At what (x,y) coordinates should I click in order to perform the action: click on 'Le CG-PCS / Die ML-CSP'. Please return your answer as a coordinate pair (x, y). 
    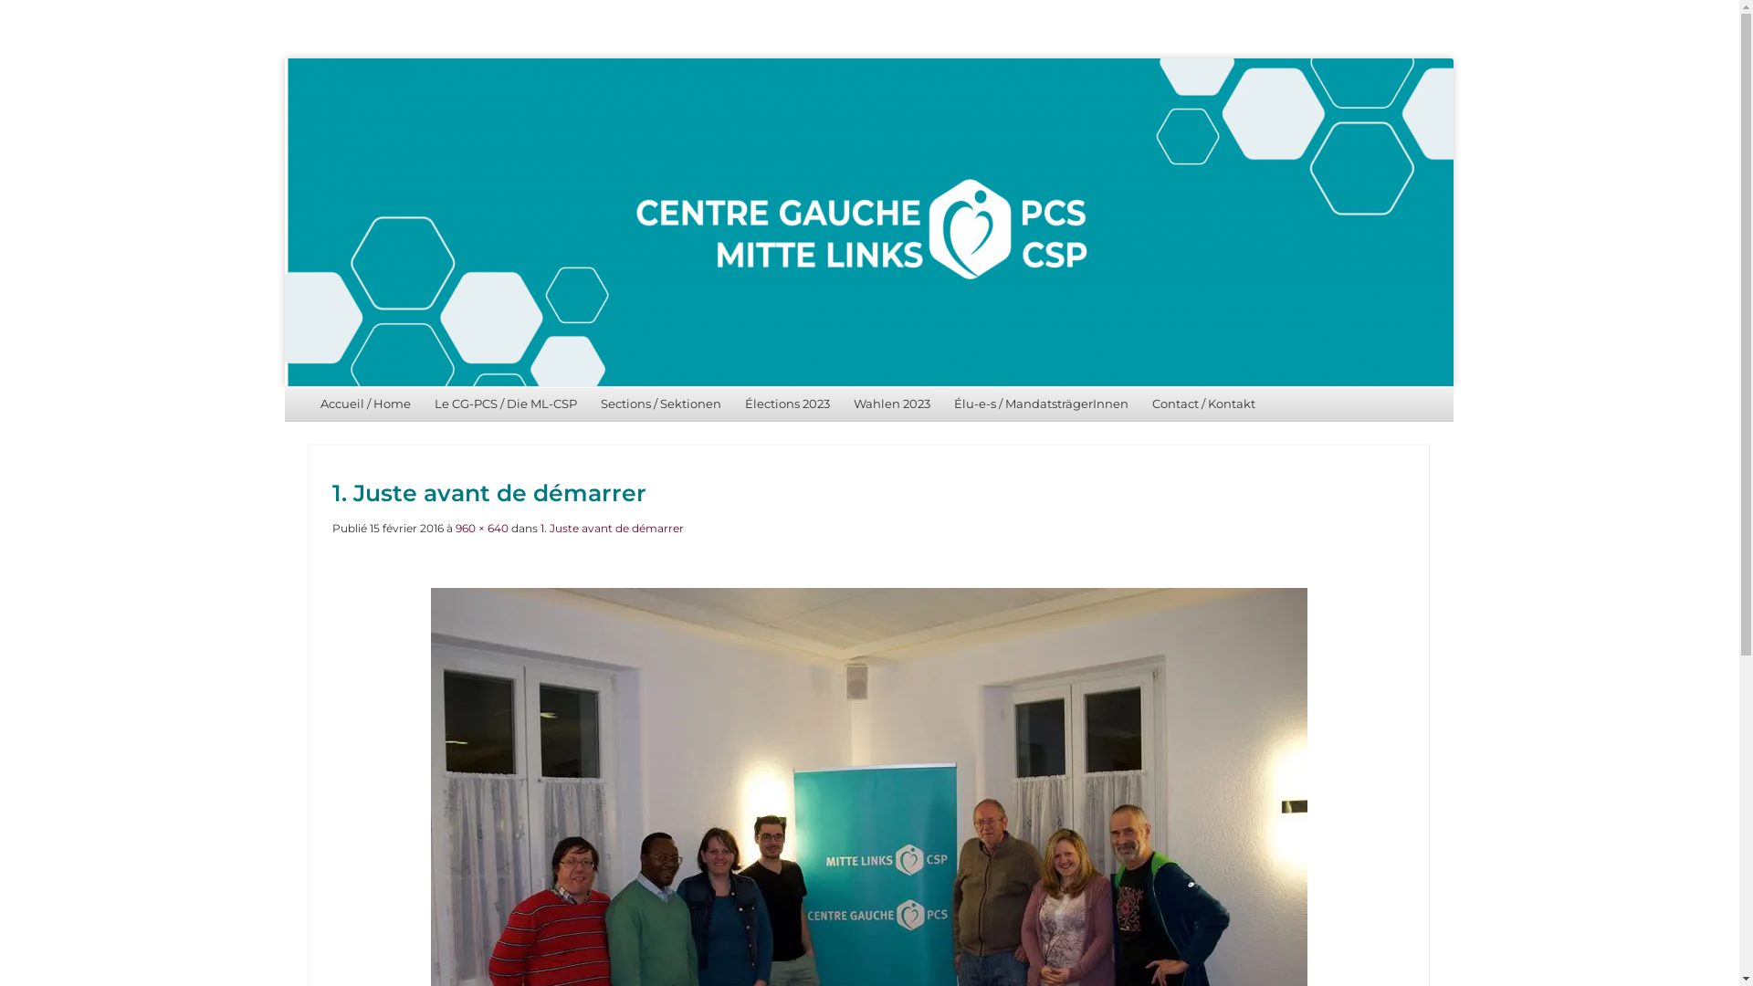
    Looking at the image, I should click on (421, 403).